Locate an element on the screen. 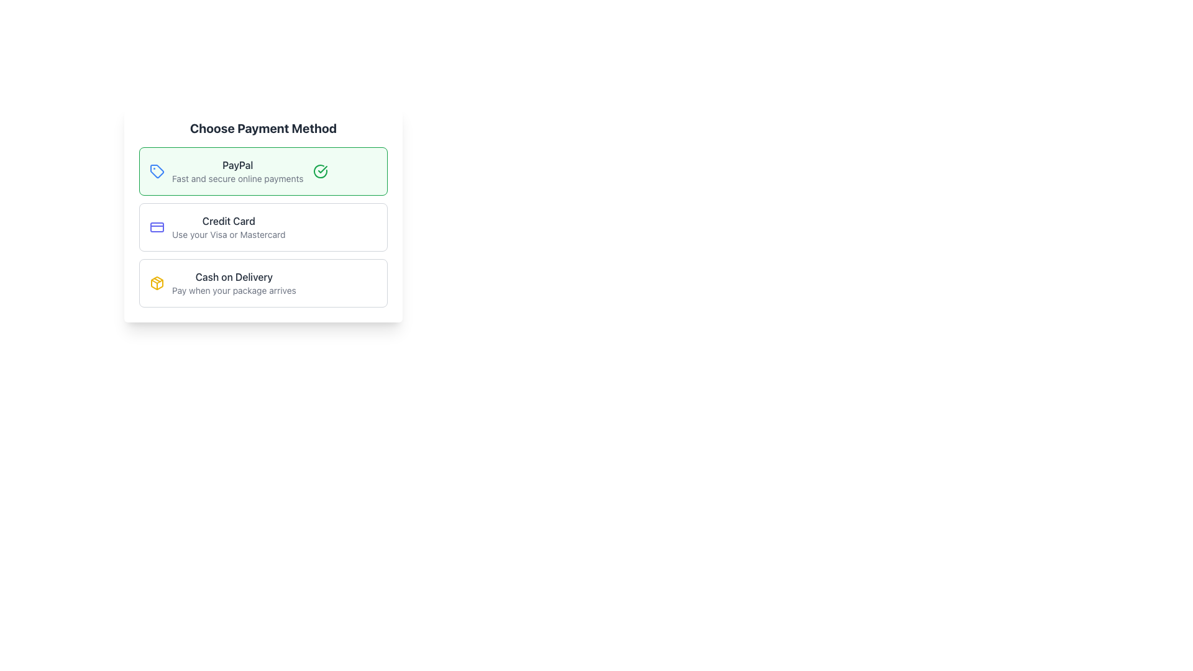  the 'Cash on Delivery' text label, which is styled in a medium-sized dark gray font and located at the top of the last option box in the 'Choose Payment Method' section is located at coordinates (234, 276).